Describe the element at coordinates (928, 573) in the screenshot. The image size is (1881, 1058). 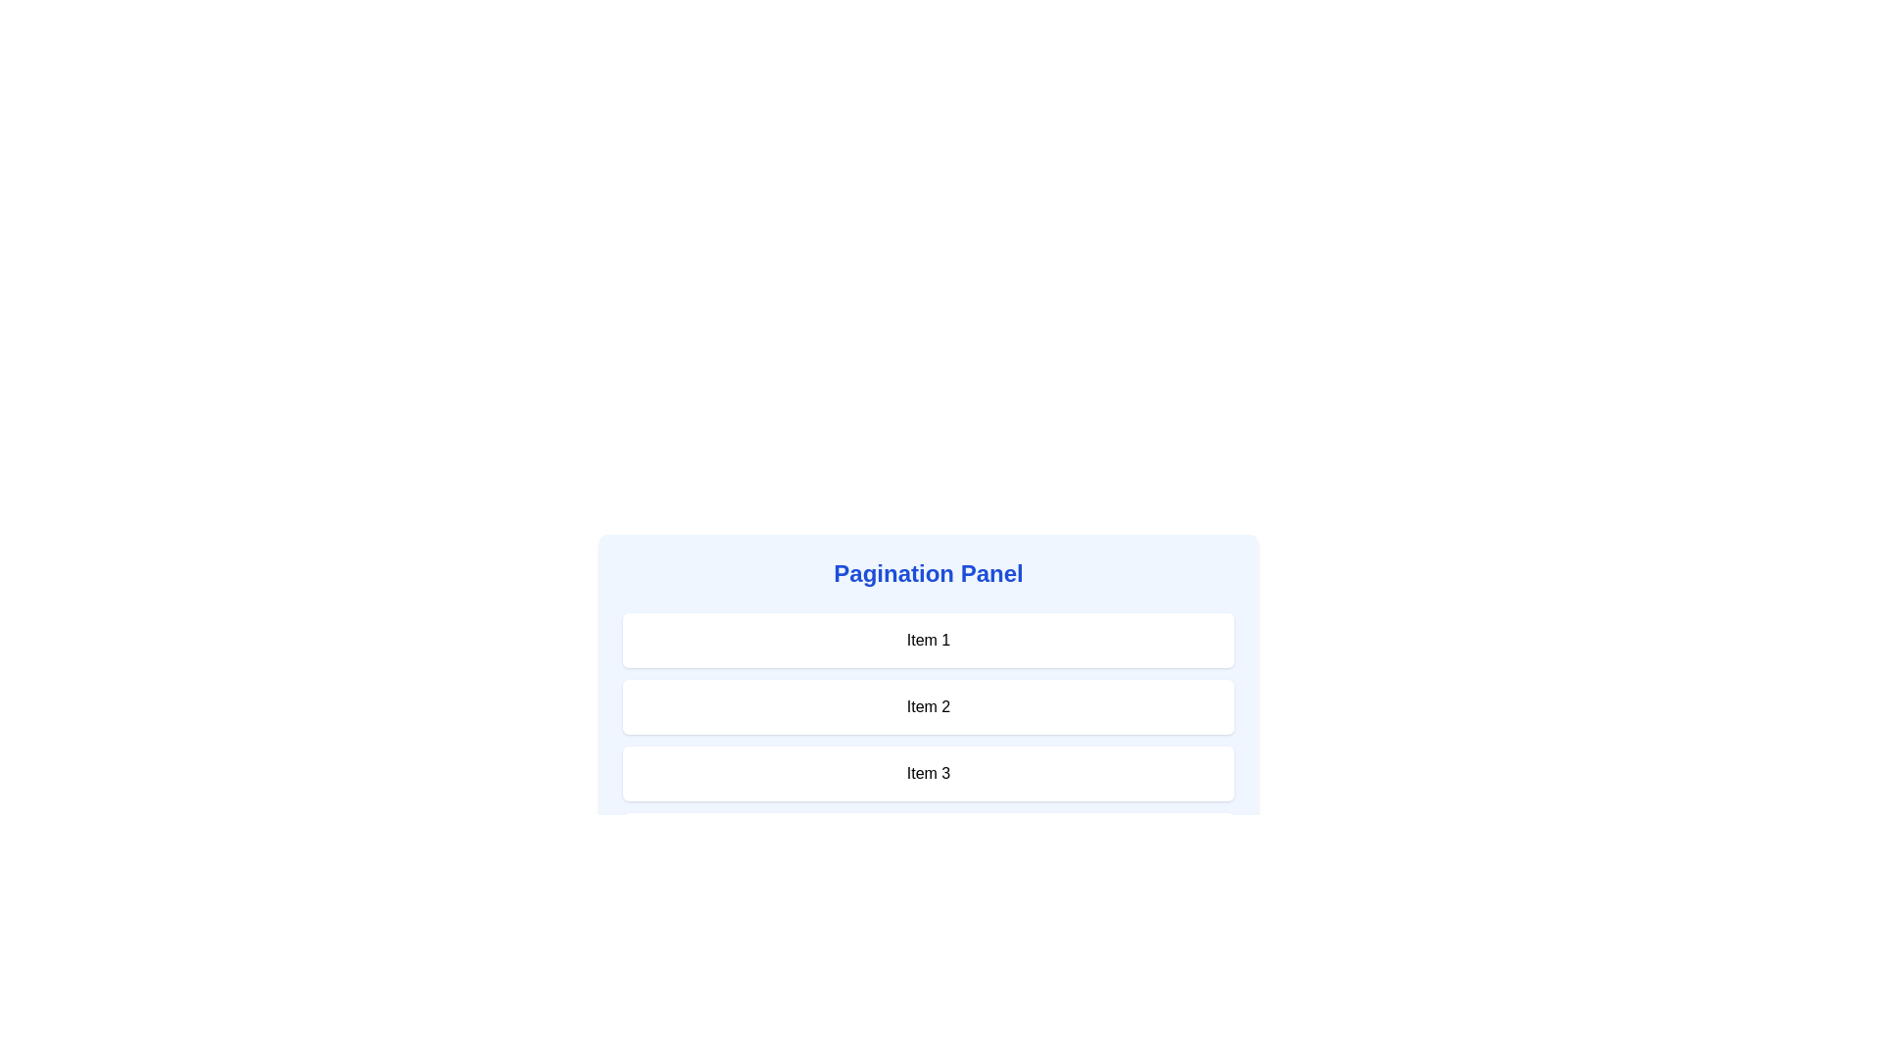
I see `the Text Label that serves as a header for the pagination panel, providing context to the surrounding list items` at that location.